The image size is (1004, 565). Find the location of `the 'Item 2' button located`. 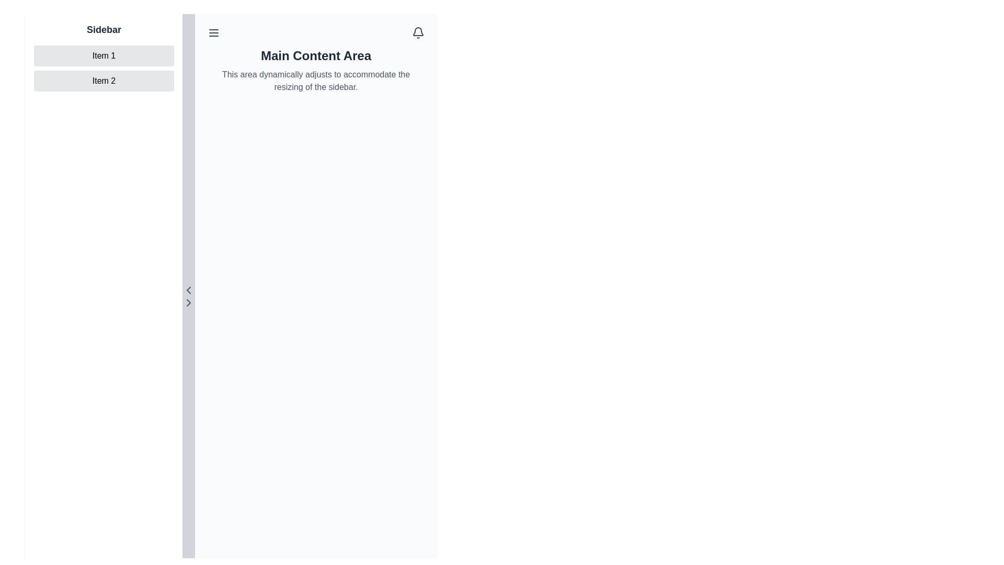

the 'Item 2' button located is located at coordinates (104, 80).